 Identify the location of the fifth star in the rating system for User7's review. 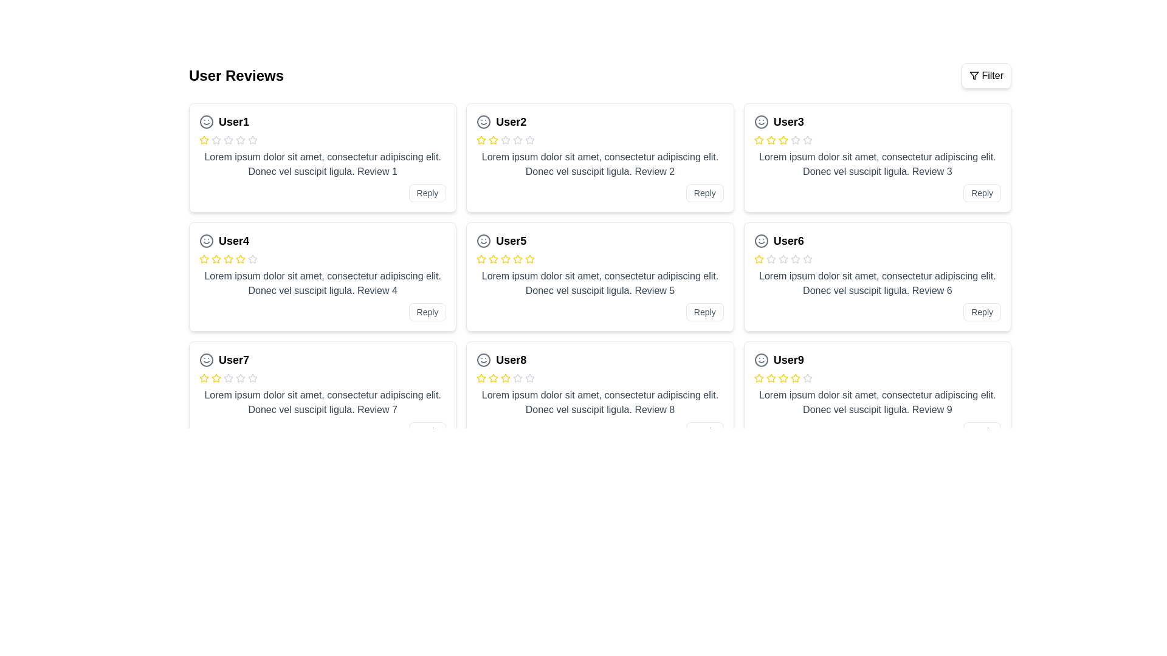
(252, 378).